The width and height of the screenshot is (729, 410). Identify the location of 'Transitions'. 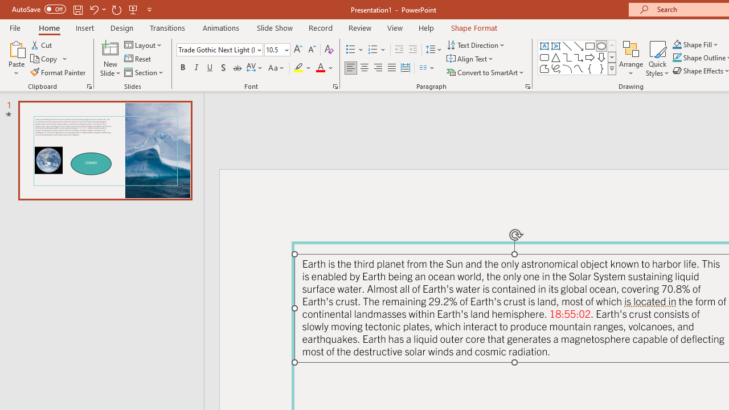
(167, 27).